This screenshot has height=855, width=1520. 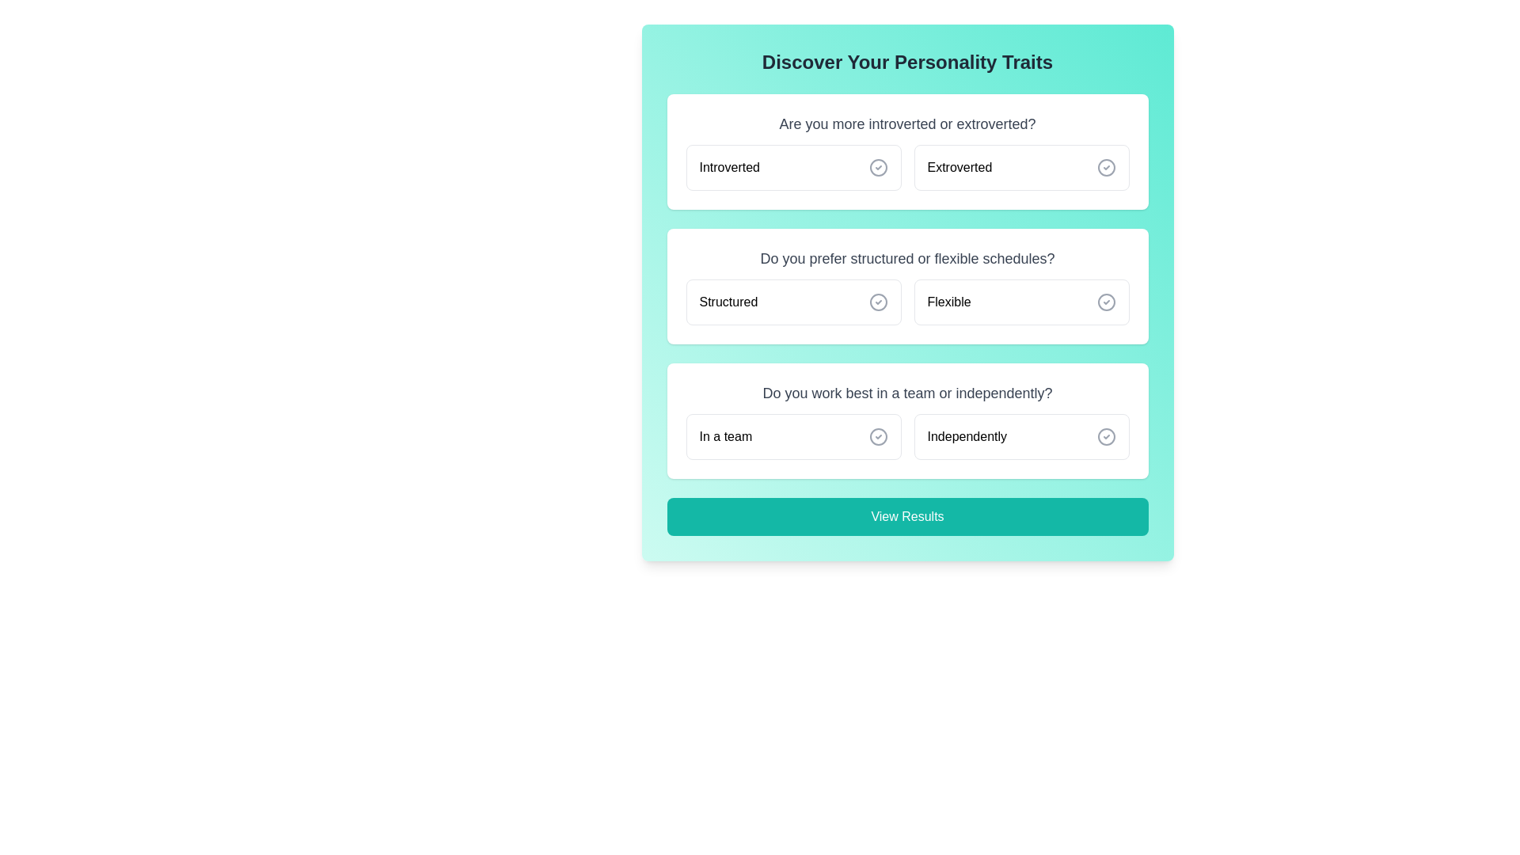 What do you see at coordinates (907, 123) in the screenshot?
I see `text label/heading that serves as a title for the question regarding introversion or extroversion, located at the top of the first question block` at bounding box center [907, 123].